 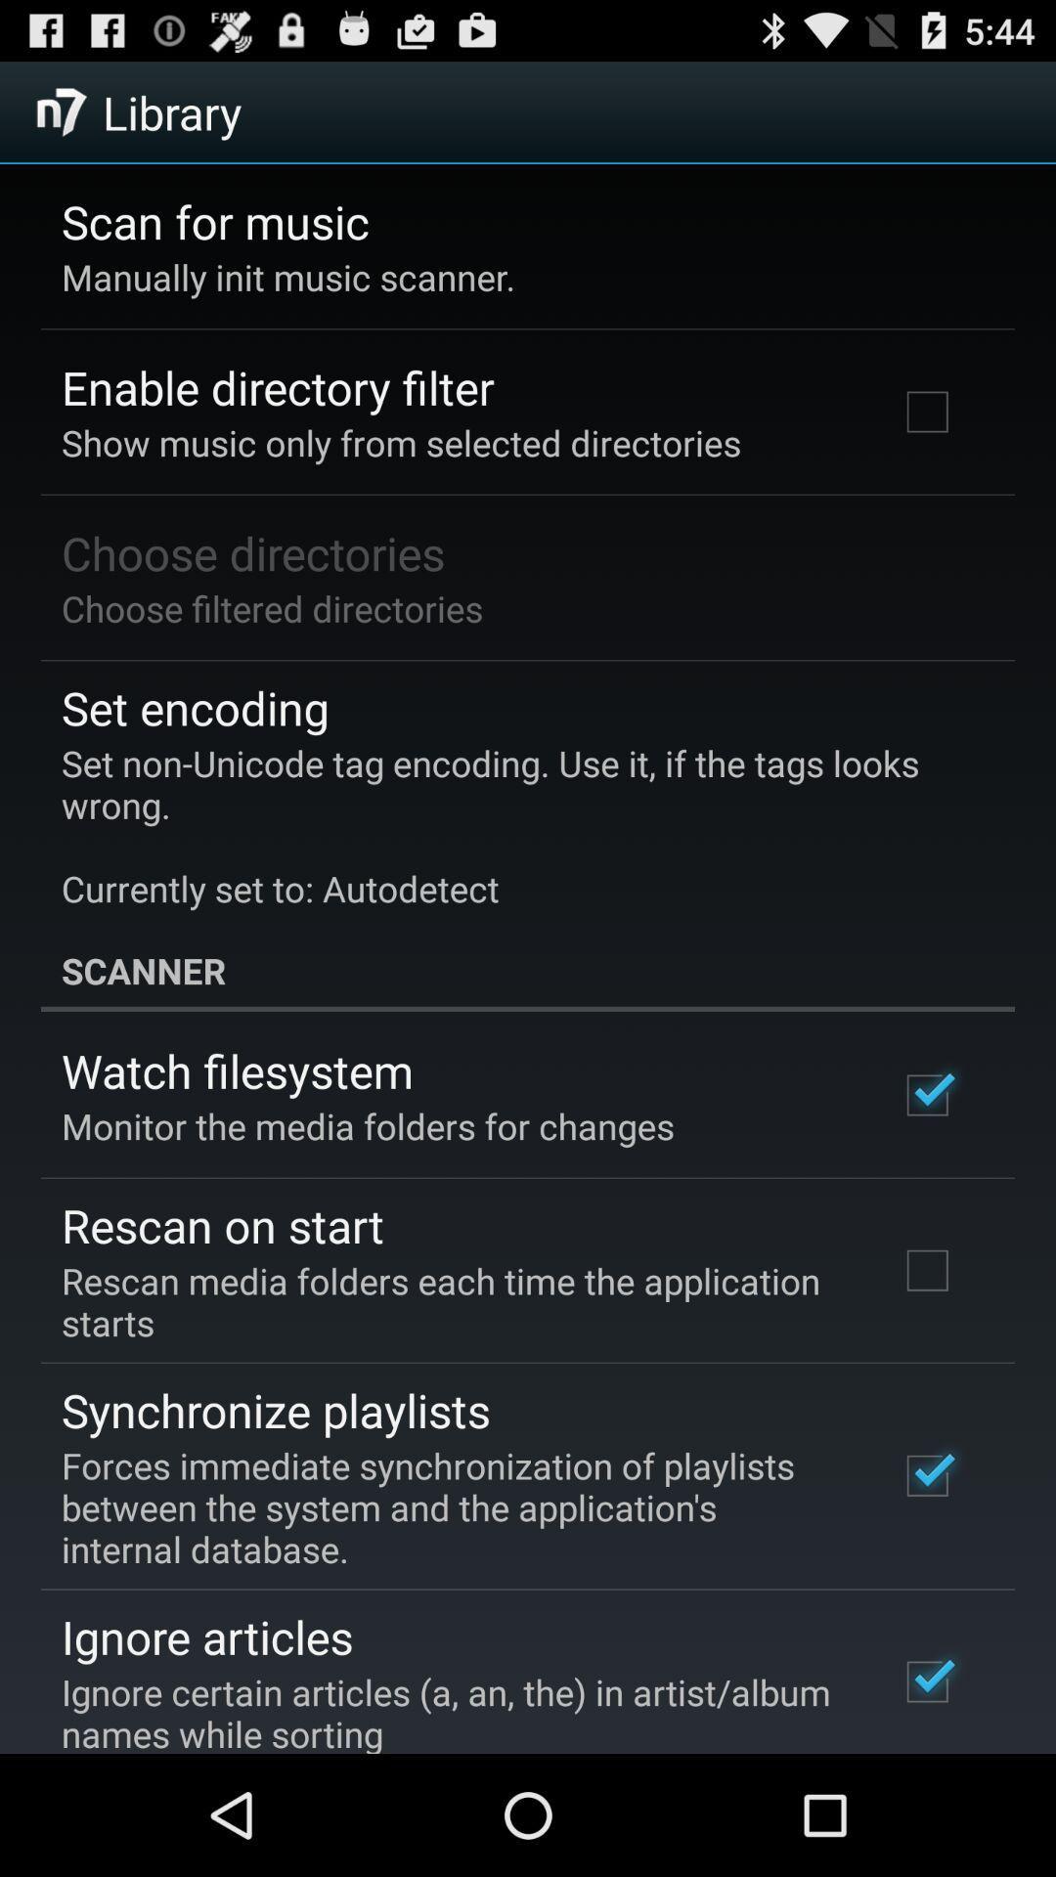 I want to click on synchronize playlists app, so click(x=276, y=1410).